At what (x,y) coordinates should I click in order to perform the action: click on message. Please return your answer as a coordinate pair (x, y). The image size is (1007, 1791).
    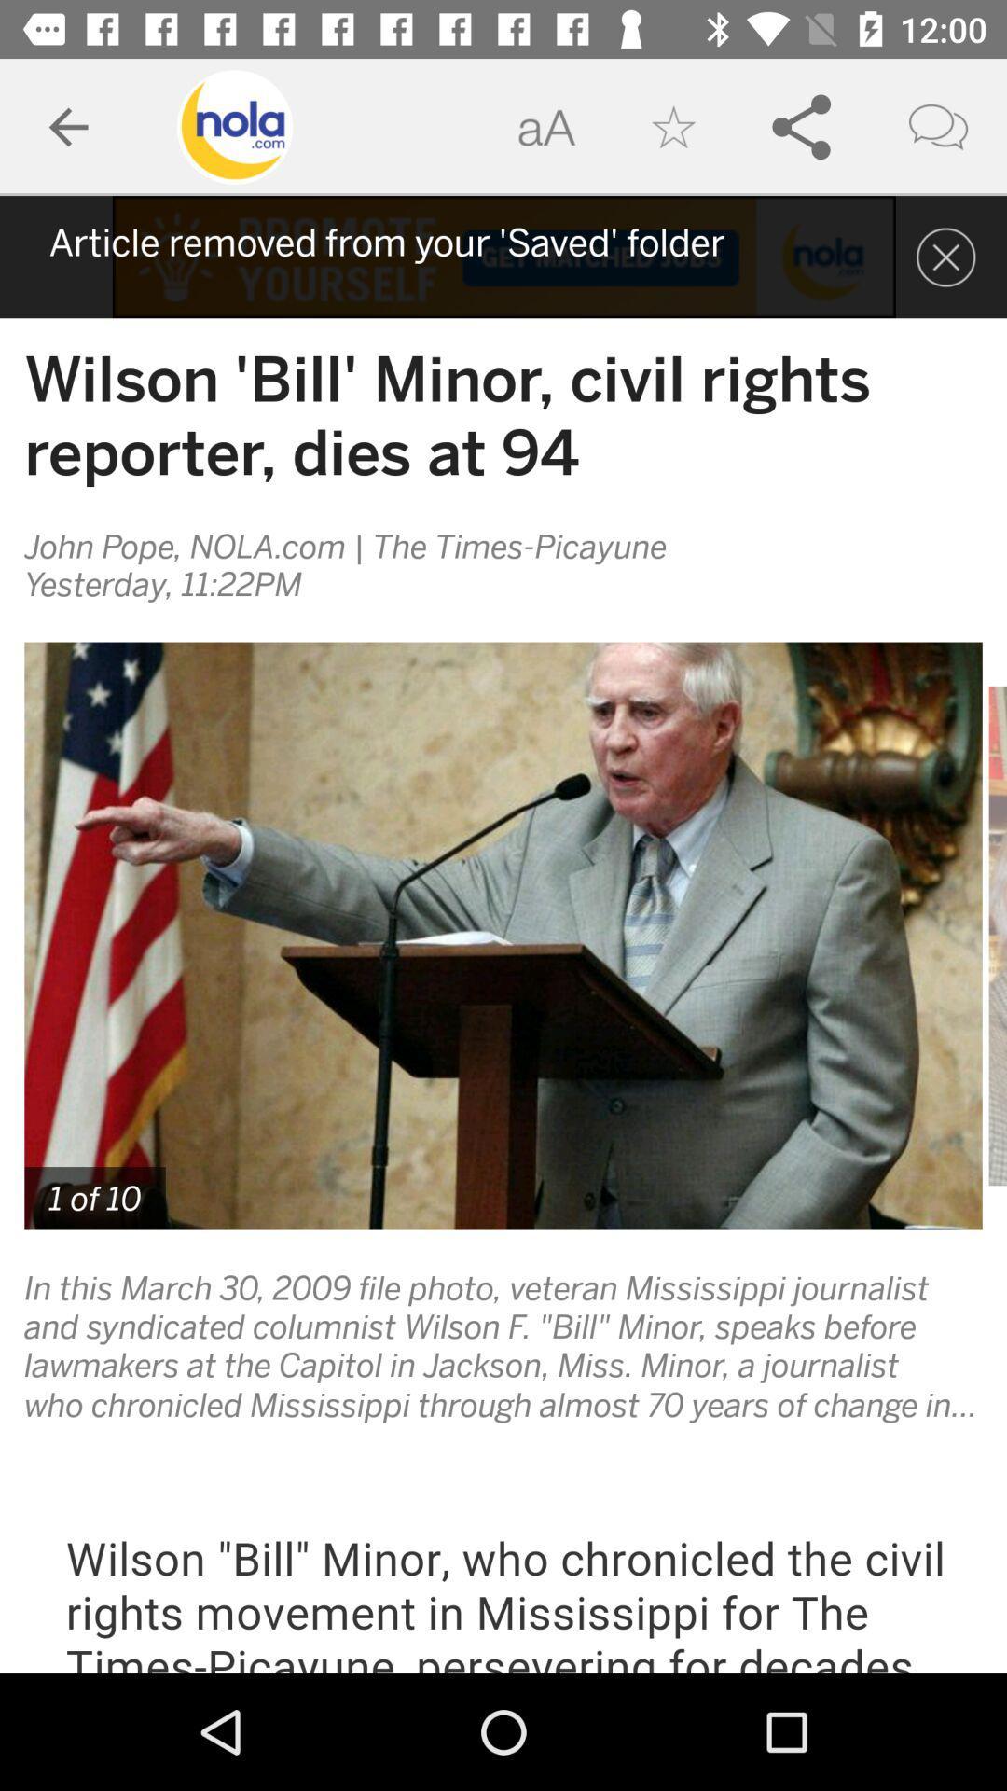
    Looking at the image, I should click on (945, 256).